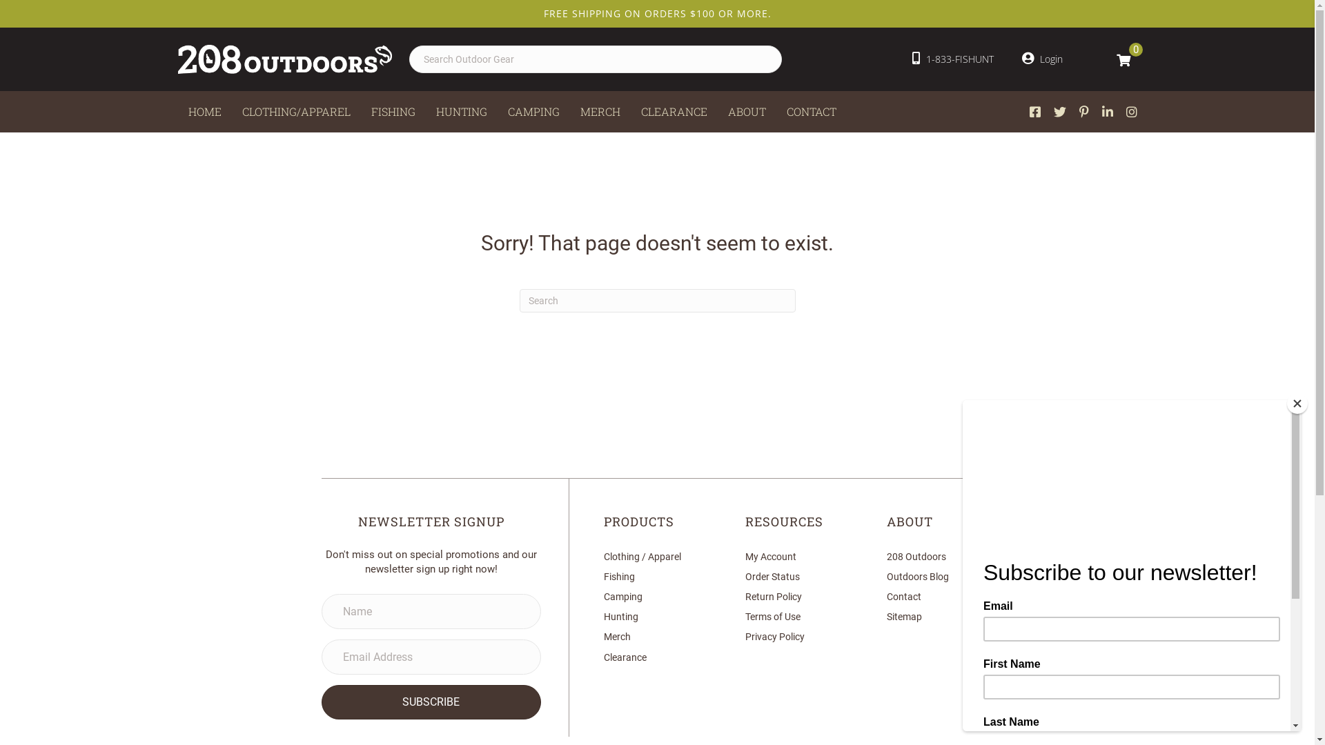 Image resolution: width=1325 pixels, height=745 pixels. What do you see at coordinates (295, 111) in the screenshot?
I see `'CLOTHING/APPAREL'` at bounding box center [295, 111].